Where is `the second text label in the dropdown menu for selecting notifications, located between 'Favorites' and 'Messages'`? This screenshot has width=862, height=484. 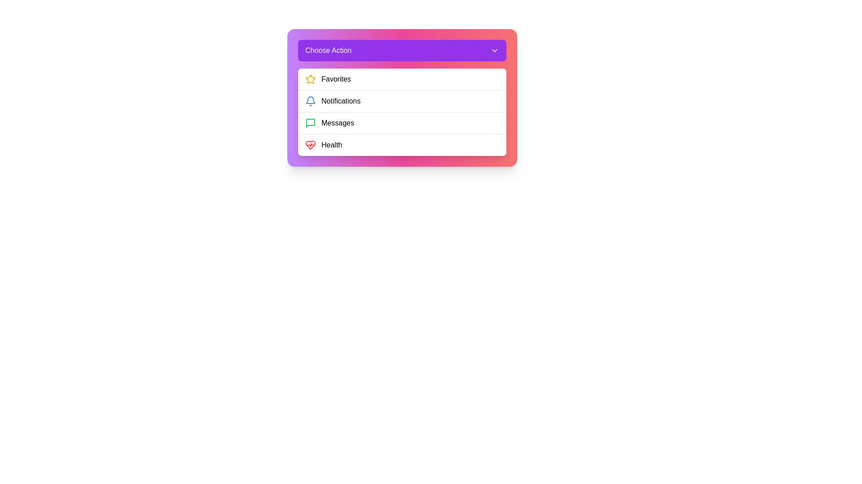
the second text label in the dropdown menu for selecting notifications, located between 'Favorites' and 'Messages' is located at coordinates (340, 101).